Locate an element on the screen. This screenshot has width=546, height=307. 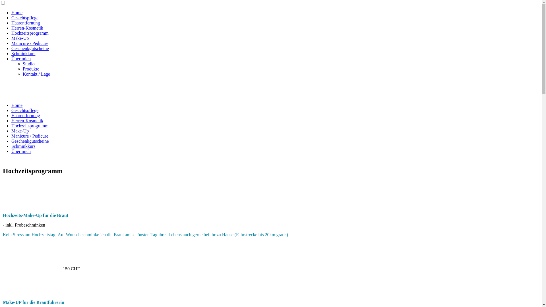
'Gesichtspflege' is located at coordinates (11, 17).